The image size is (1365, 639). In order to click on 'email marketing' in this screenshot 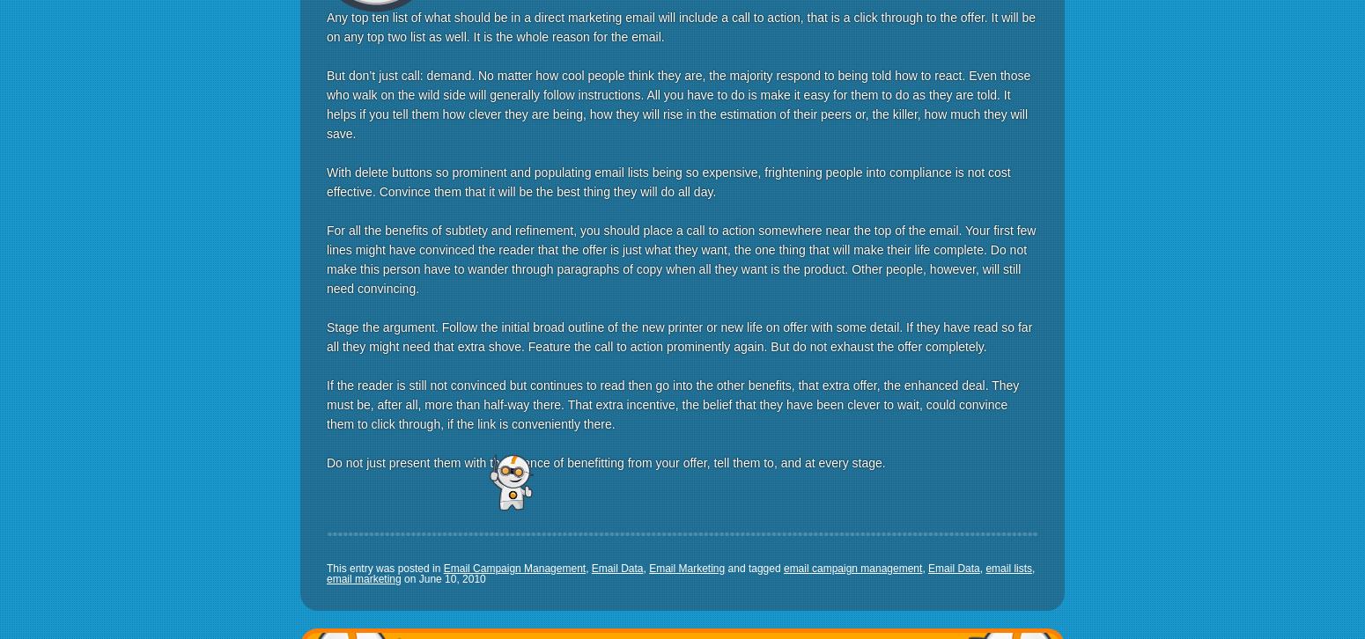, I will do `click(364, 577)`.